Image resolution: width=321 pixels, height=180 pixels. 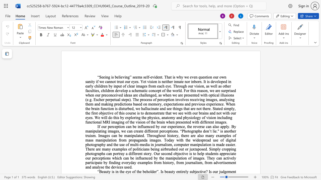 What do you see at coordinates (113, 95) in the screenshot?
I see `the 12th character "c" in the text` at bounding box center [113, 95].